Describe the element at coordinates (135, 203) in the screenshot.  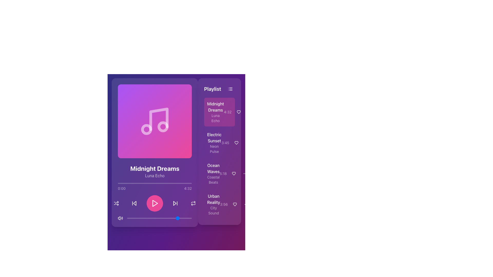
I see `the leftward pointing triangle of the skip-backward icon` at that location.